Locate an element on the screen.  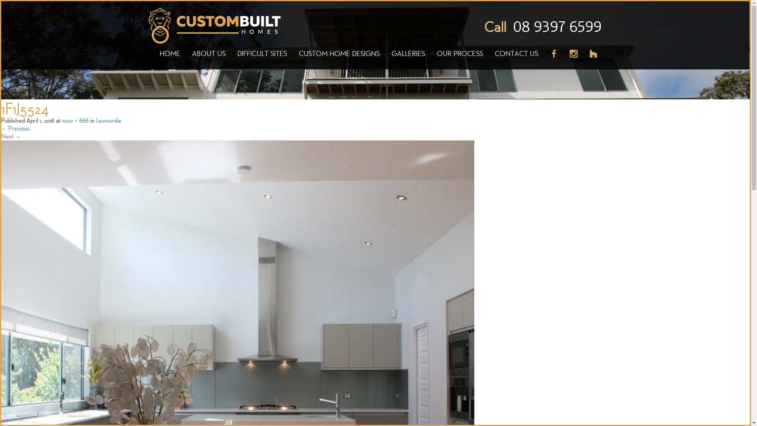
'HOME' is located at coordinates (153, 58).